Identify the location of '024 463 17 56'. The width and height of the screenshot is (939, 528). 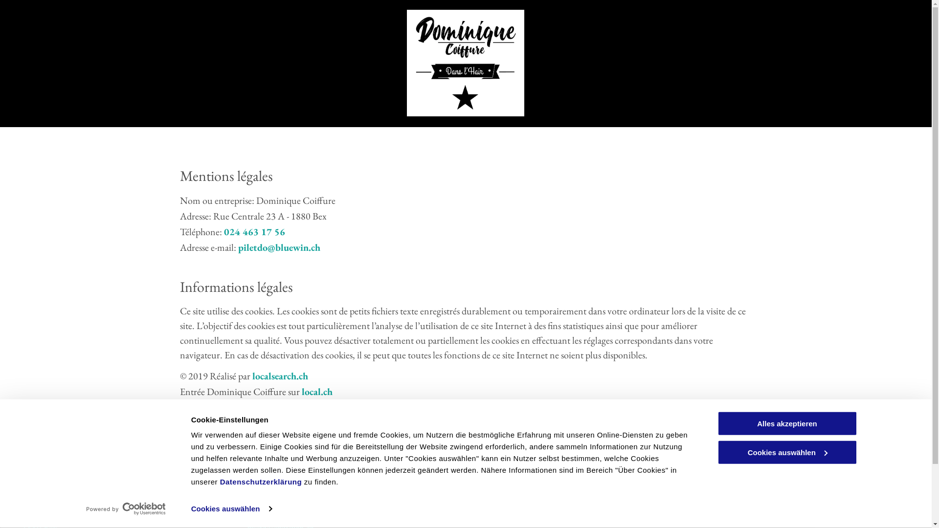
(254, 232).